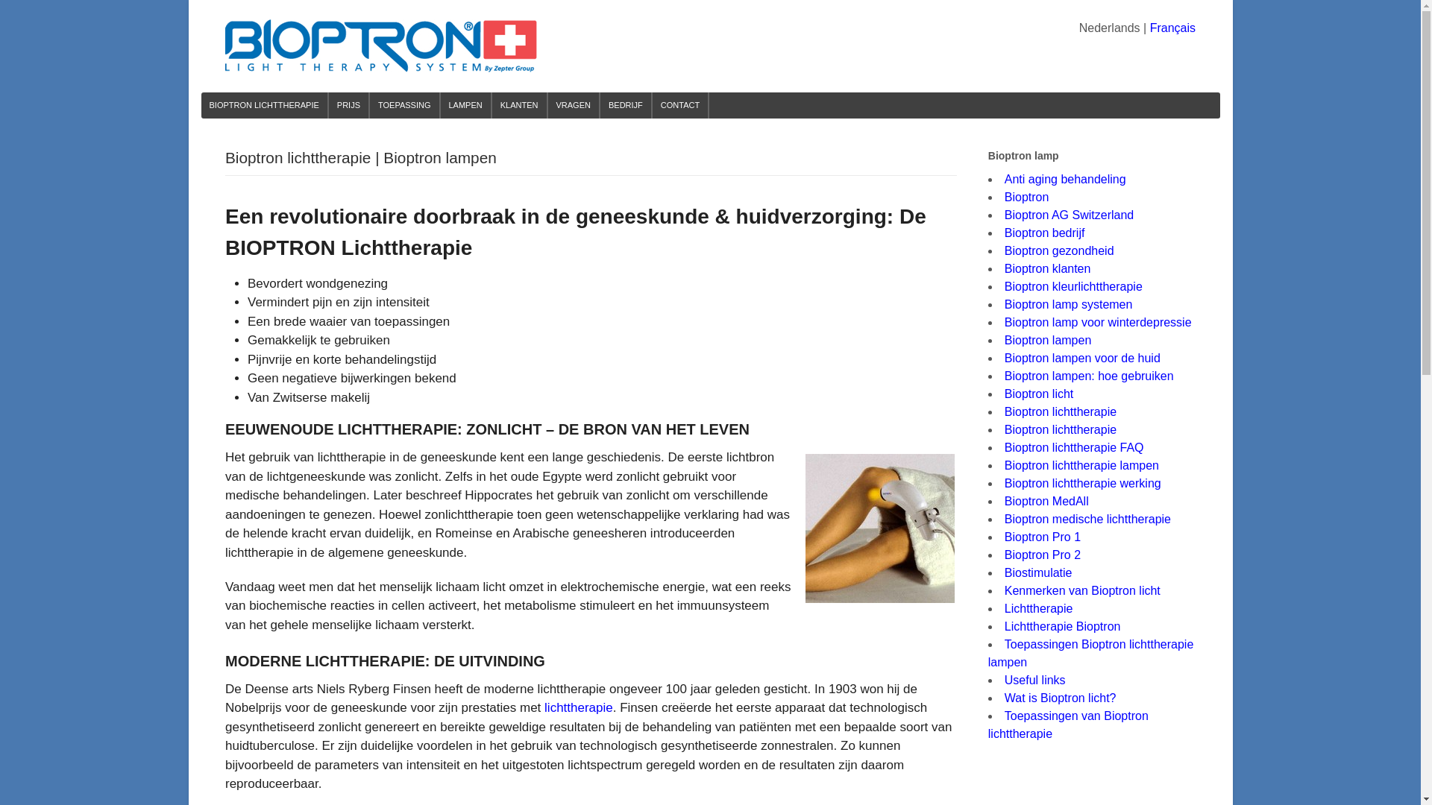  I want to click on 'Bioptron Pro 1', so click(1041, 537).